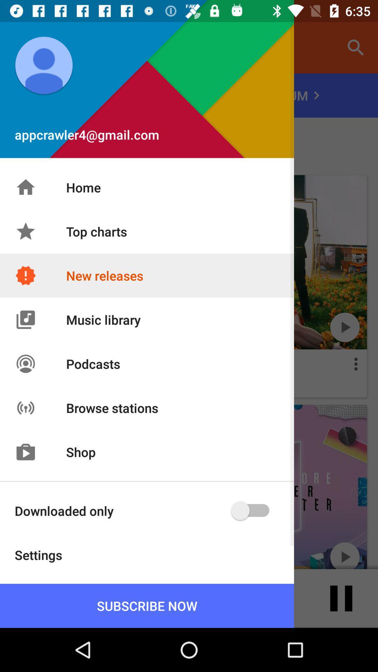 This screenshot has height=672, width=378. What do you see at coordinates (341, 598) in the screenshot?
I see `the pause icon` at bounding box center [341, 598].